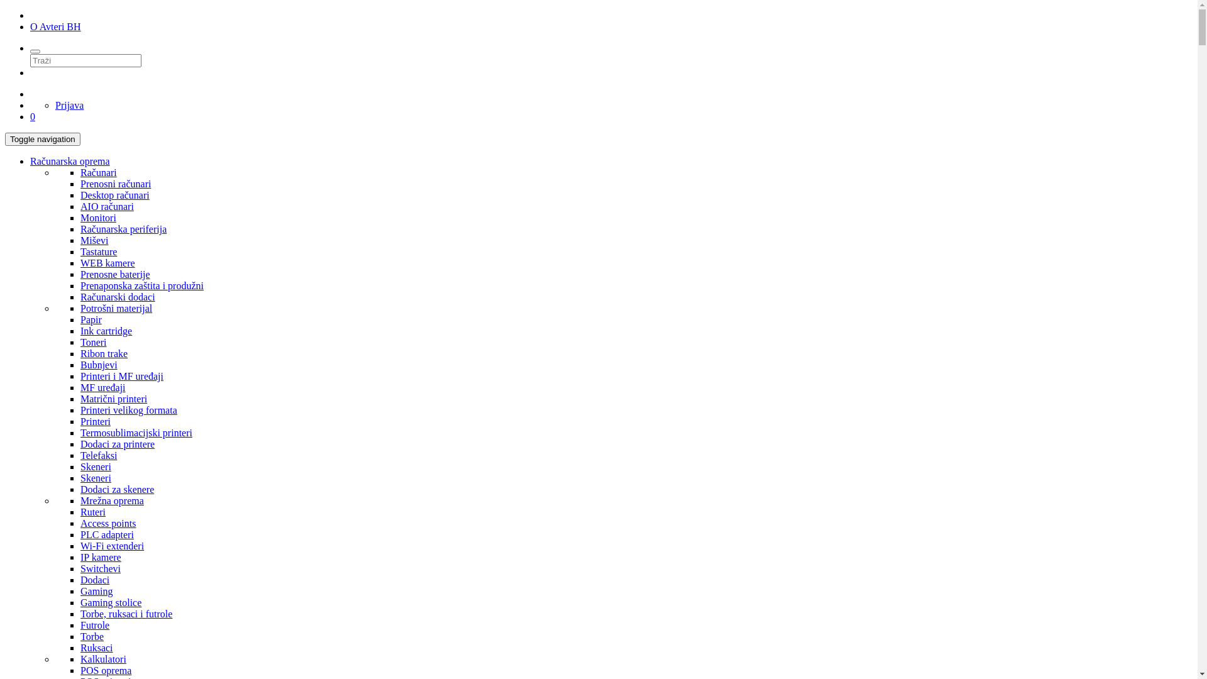 The height and width of the screenshot is (679, 1207). Describe the element at coordinates (108, 523) in the screenshot. I see `'Access points'` at that location.